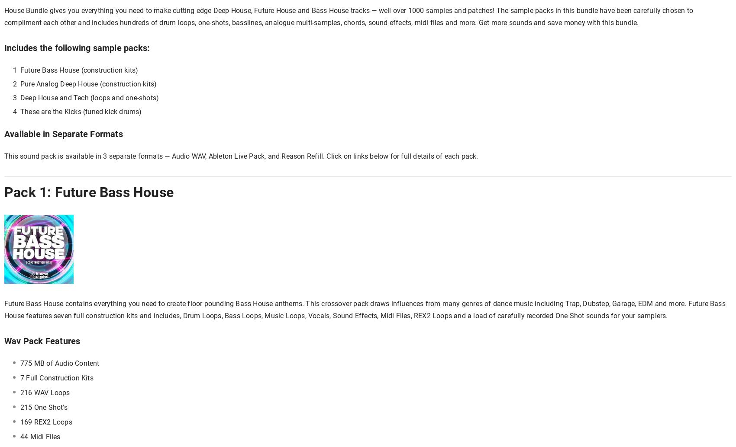 This screenshot has height=447, width=736. I want to click on 'Includes the following sample packs:', so click(76, 48).